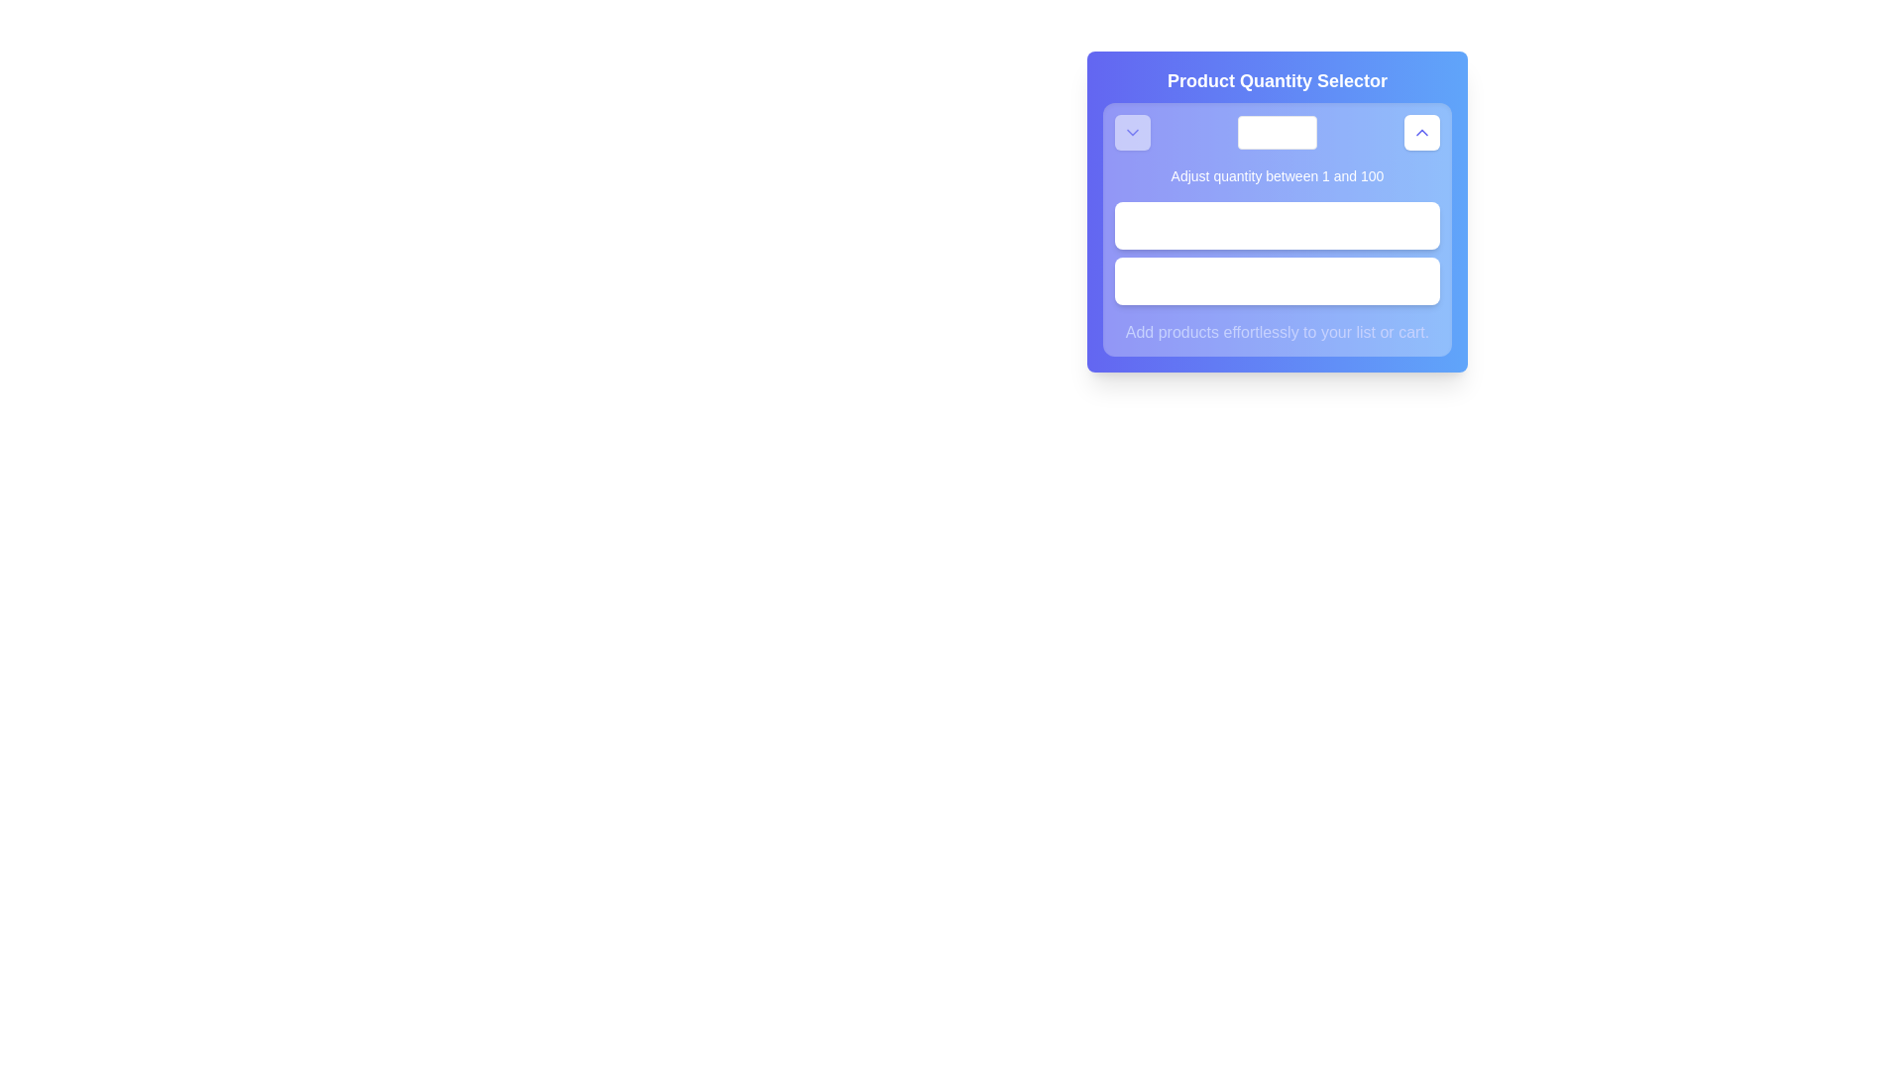  I want to click on the button with an upward-pointing chevron icon, which is styled with a light background and rounded corners, located on the right side of a numeric input field, so click(1421, 133).